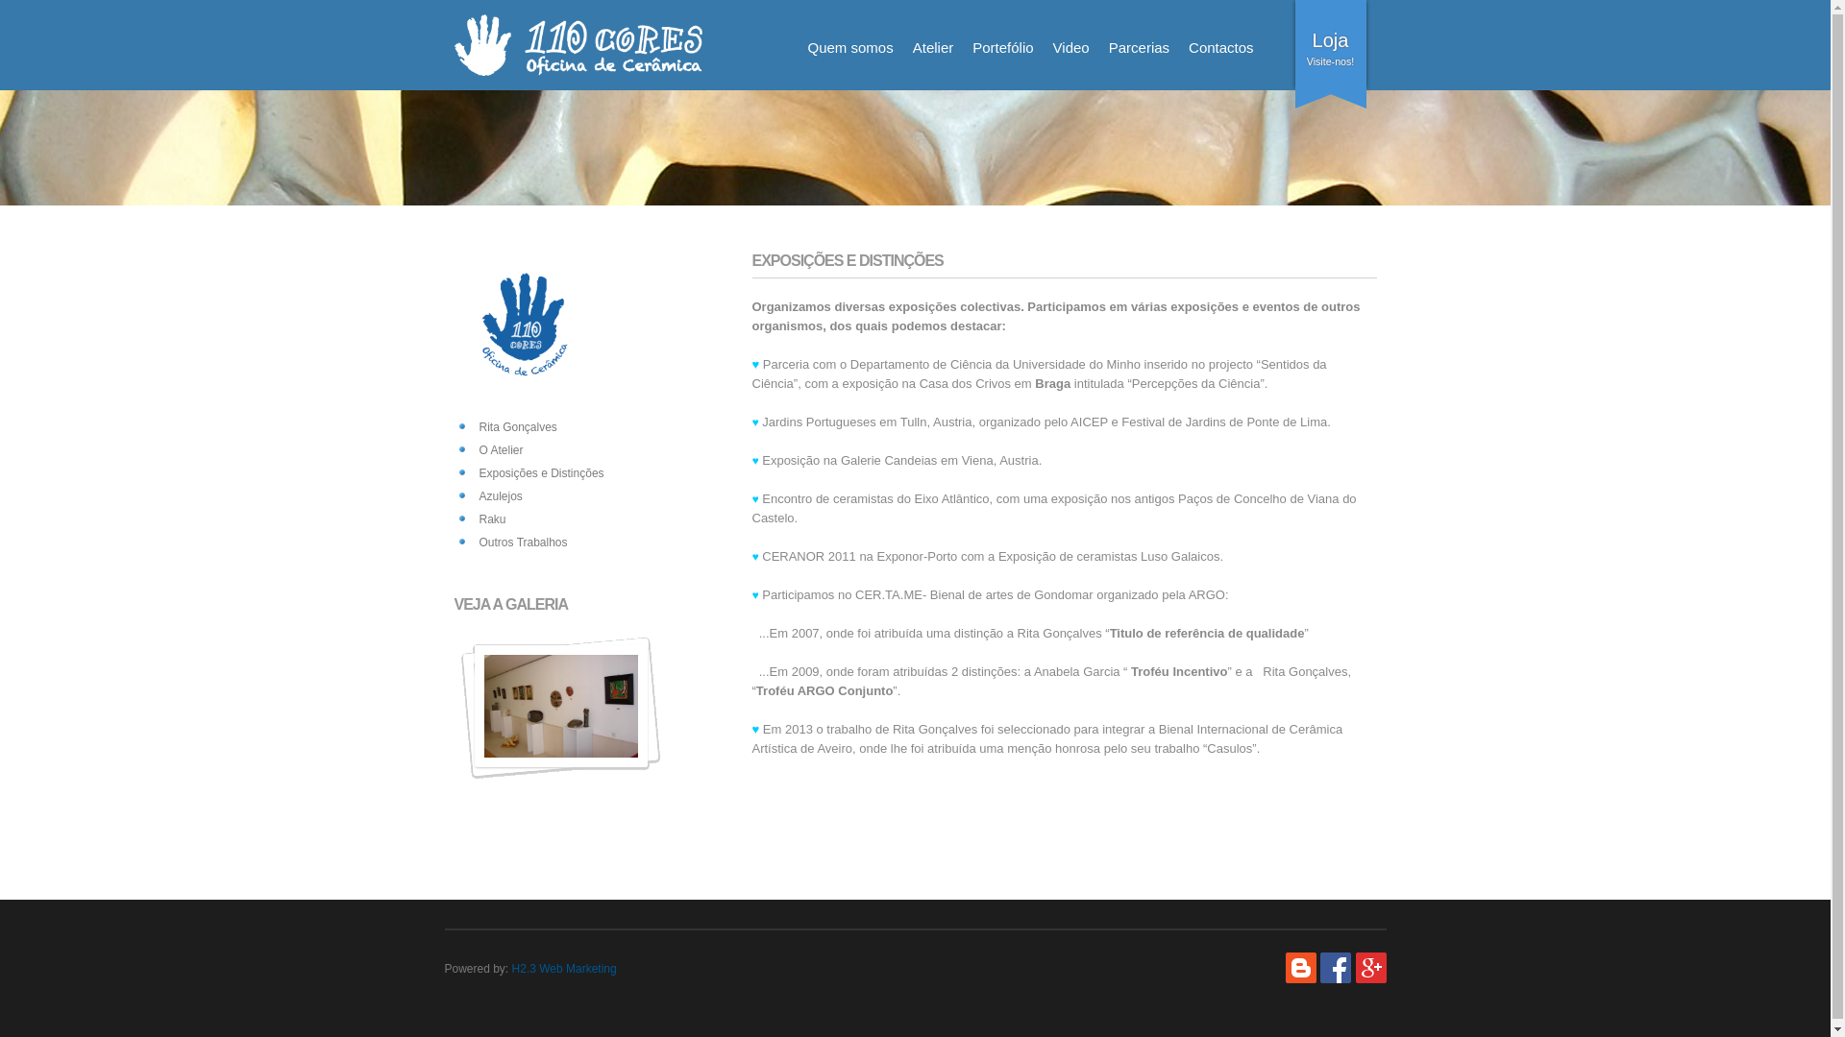 The width and height of the screenshot is (1845, 1037). What do you see at coordinates (1300, 967) in the screenshot?
I see `'Blog'` at bounding box center [1300, 967].